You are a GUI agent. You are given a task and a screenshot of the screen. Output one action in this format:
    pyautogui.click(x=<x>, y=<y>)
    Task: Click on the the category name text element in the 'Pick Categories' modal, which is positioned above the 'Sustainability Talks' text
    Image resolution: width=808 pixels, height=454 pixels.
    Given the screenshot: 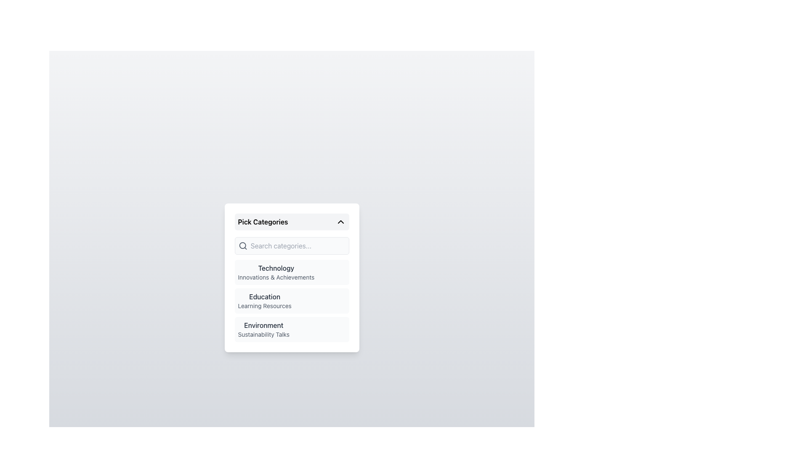 What is the action you would take?
    pyautogui.click(x=263, y=325)
    